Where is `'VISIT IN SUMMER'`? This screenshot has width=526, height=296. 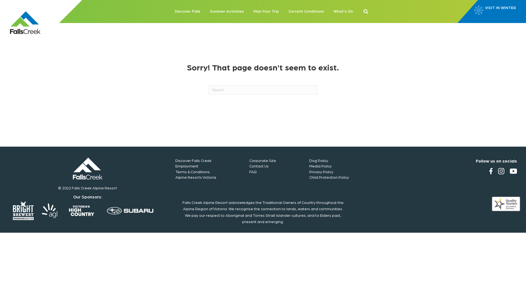
'VISIT IN SUMMER' is located at coordinates (502, 12).